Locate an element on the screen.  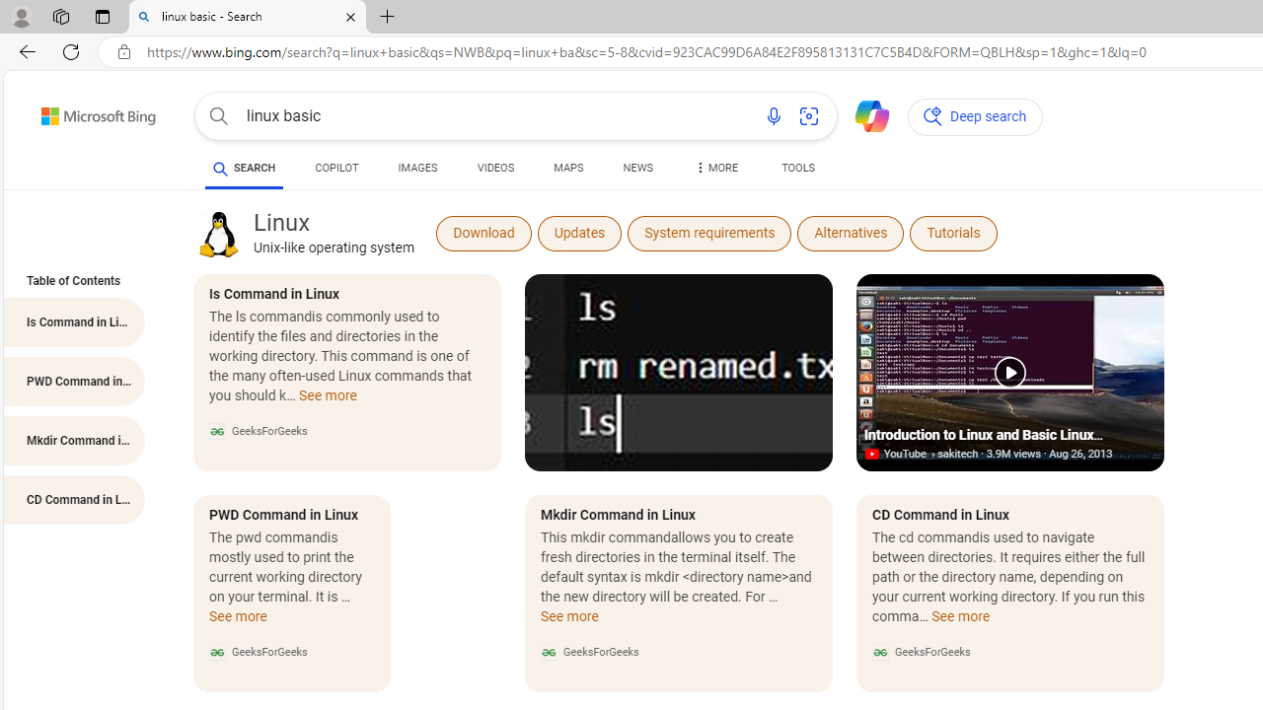
'linux basic - Search' is located at coordinates (246, 17).